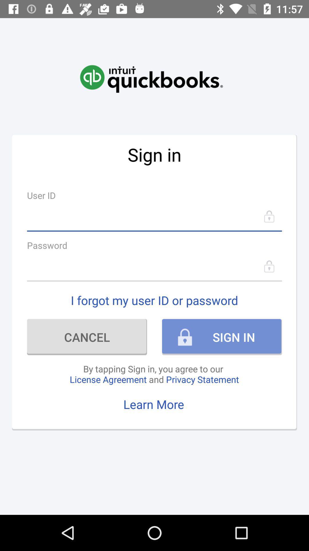 This screenshot has width=309, height=551. What do you see at coordinates (151, 72) in the screenshot?
I see `icon above sign in` at bounding box center [151, 72].